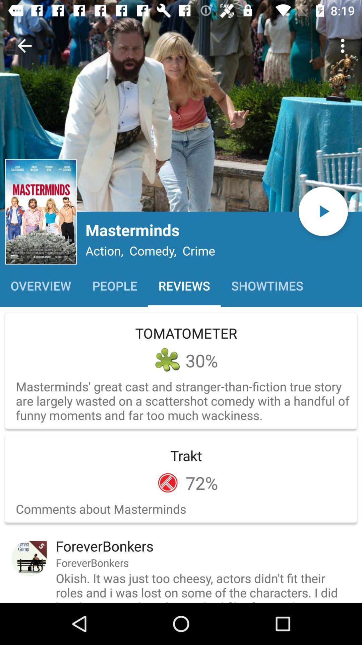  I want to click on the play icon, so click(323, 211).